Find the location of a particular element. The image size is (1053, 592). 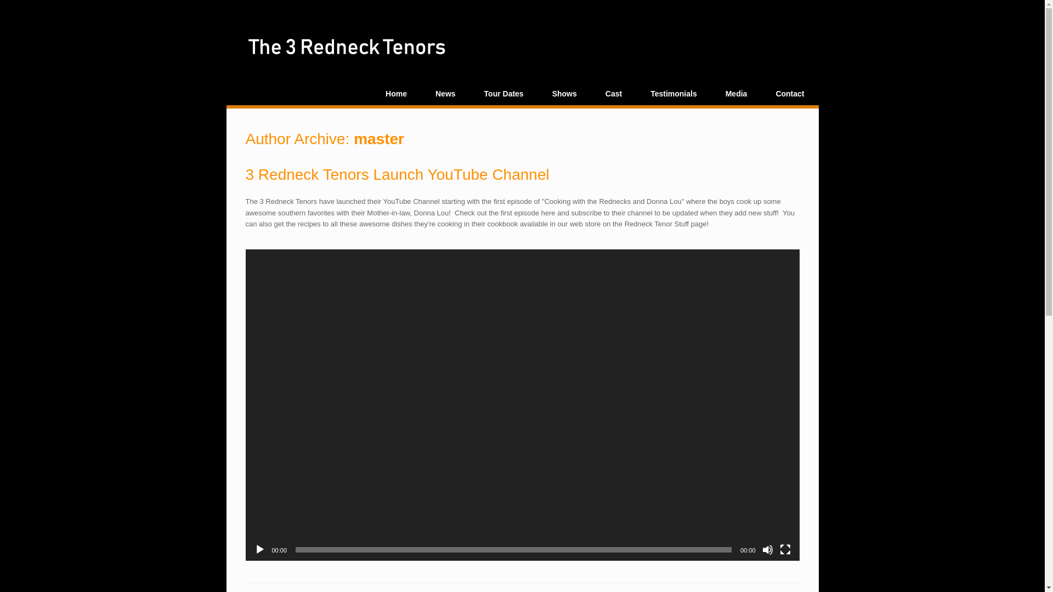

'Tour Dates' is located at coordinates (503, 93).